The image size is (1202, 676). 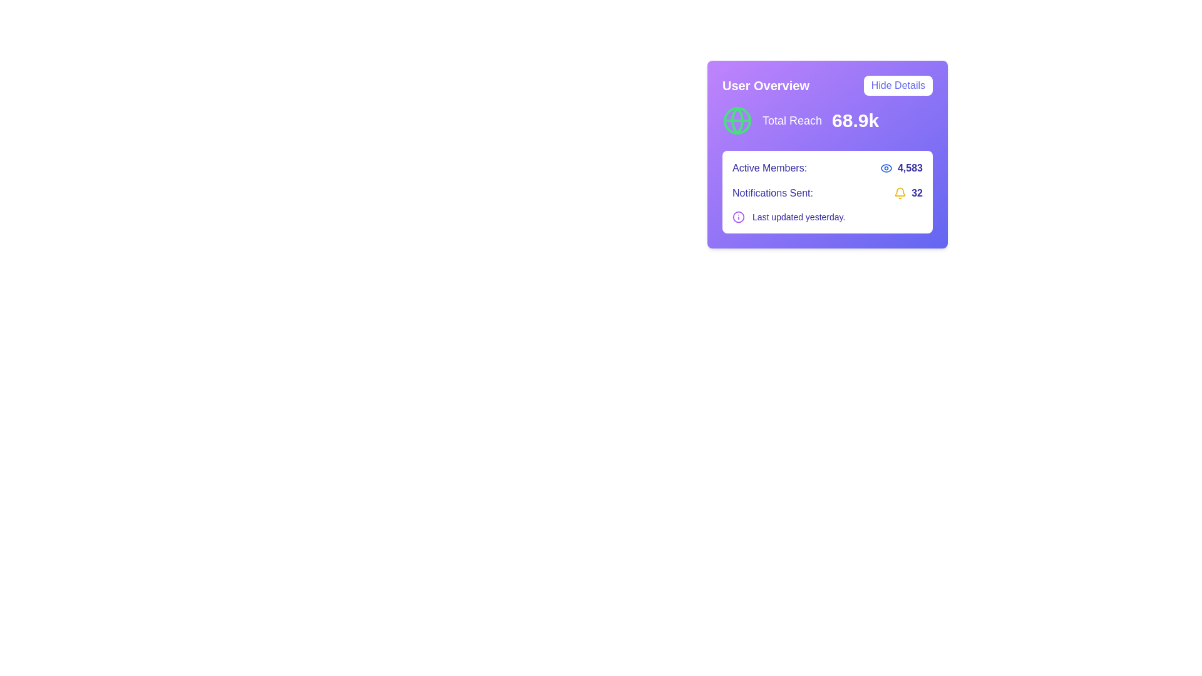 I want to click on the central Graphic Circle element within the SVG component of the 'User Overview' card, which is positioned to the left of the 'Total Reach 68.9k' label, so click(x=737, y=120).